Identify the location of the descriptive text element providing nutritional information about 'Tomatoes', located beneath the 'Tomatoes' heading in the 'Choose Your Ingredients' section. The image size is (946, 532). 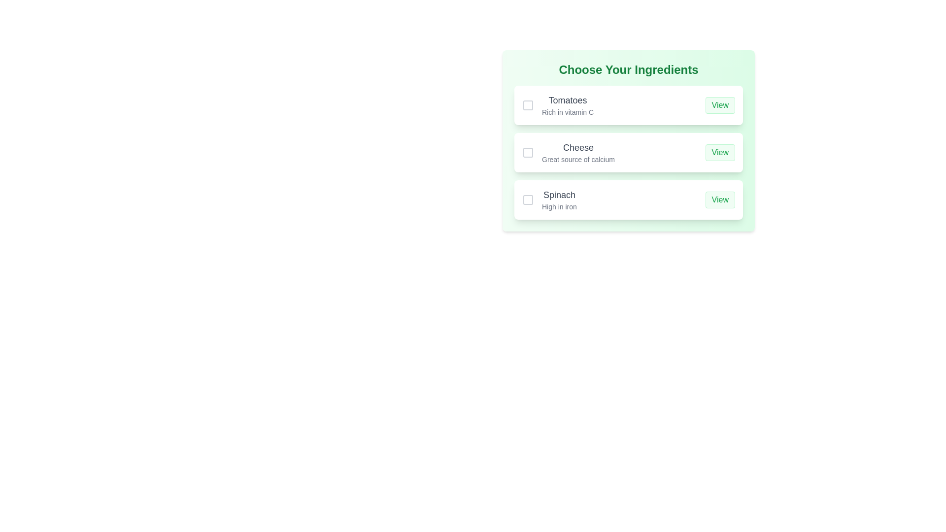
(568, 111).